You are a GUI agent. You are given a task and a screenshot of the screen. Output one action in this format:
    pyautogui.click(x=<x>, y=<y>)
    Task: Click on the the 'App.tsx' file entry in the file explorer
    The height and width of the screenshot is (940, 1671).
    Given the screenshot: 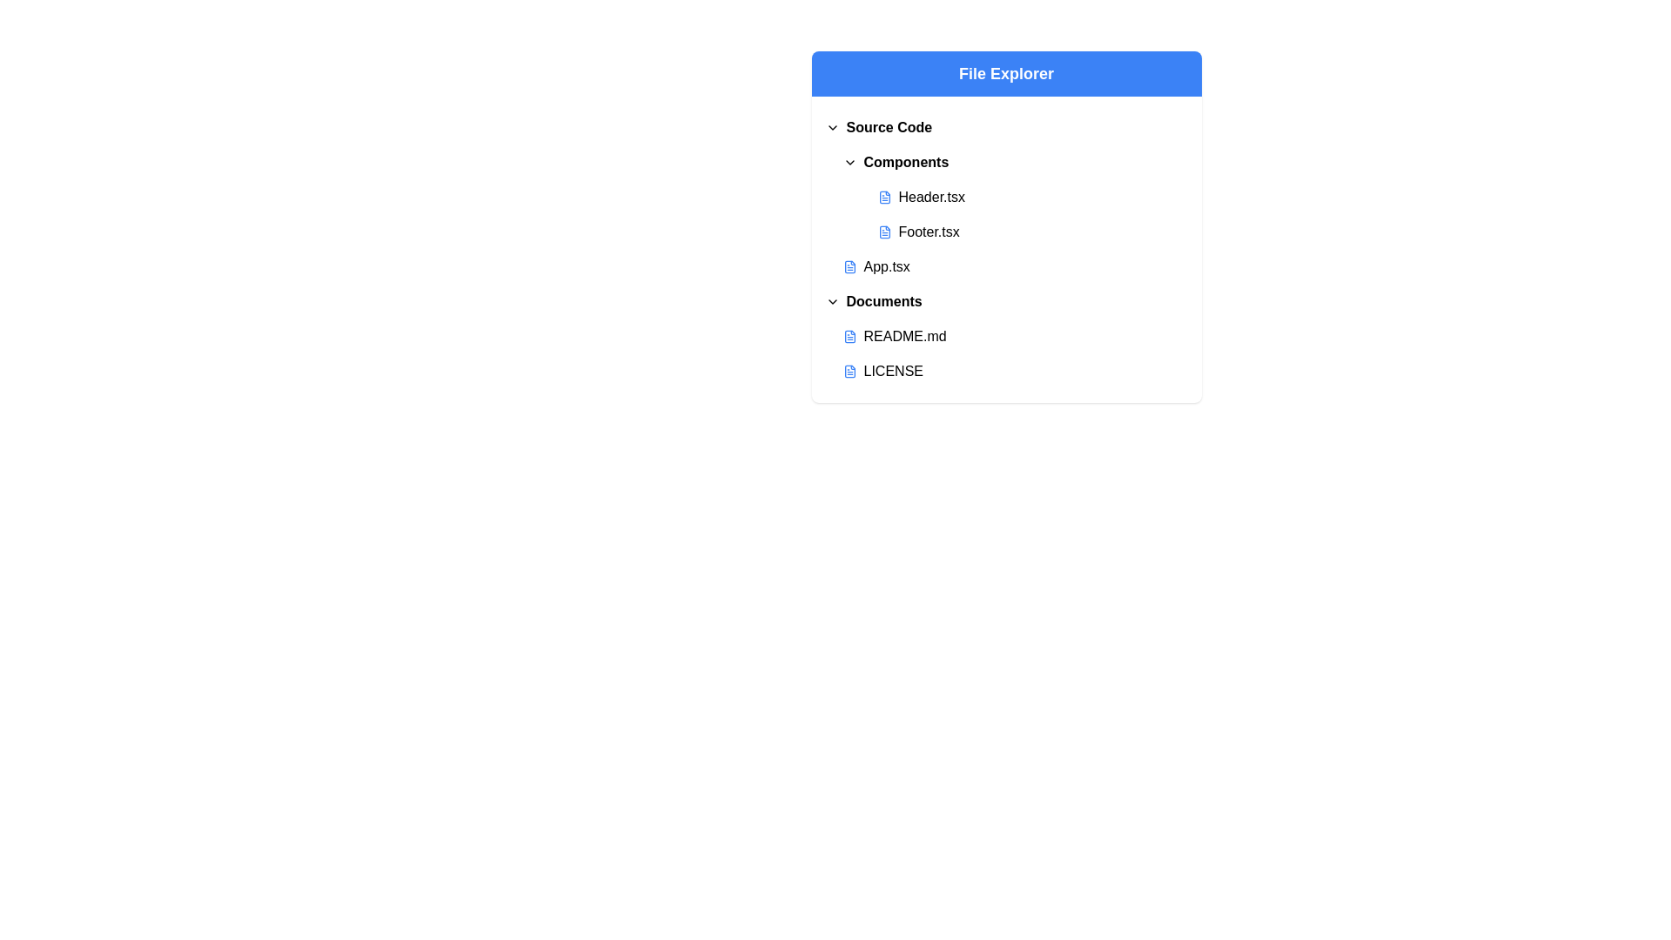 What is the action you would take?
    pyautogui.click(x=1006, y=267)
    